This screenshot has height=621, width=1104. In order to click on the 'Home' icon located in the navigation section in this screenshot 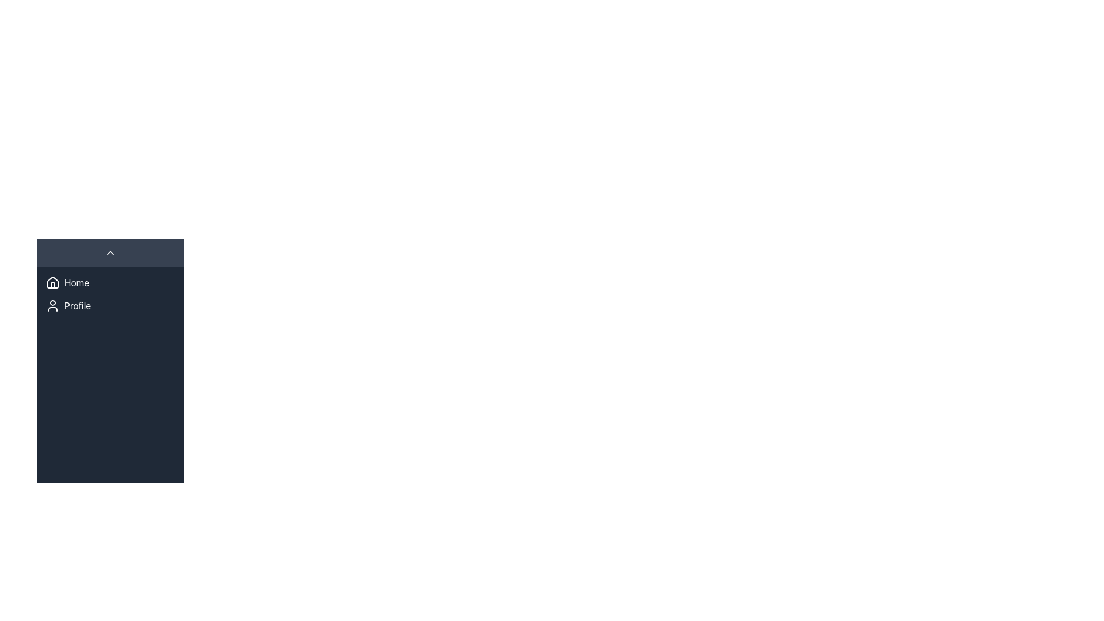, I will do `click(52, 283)`.